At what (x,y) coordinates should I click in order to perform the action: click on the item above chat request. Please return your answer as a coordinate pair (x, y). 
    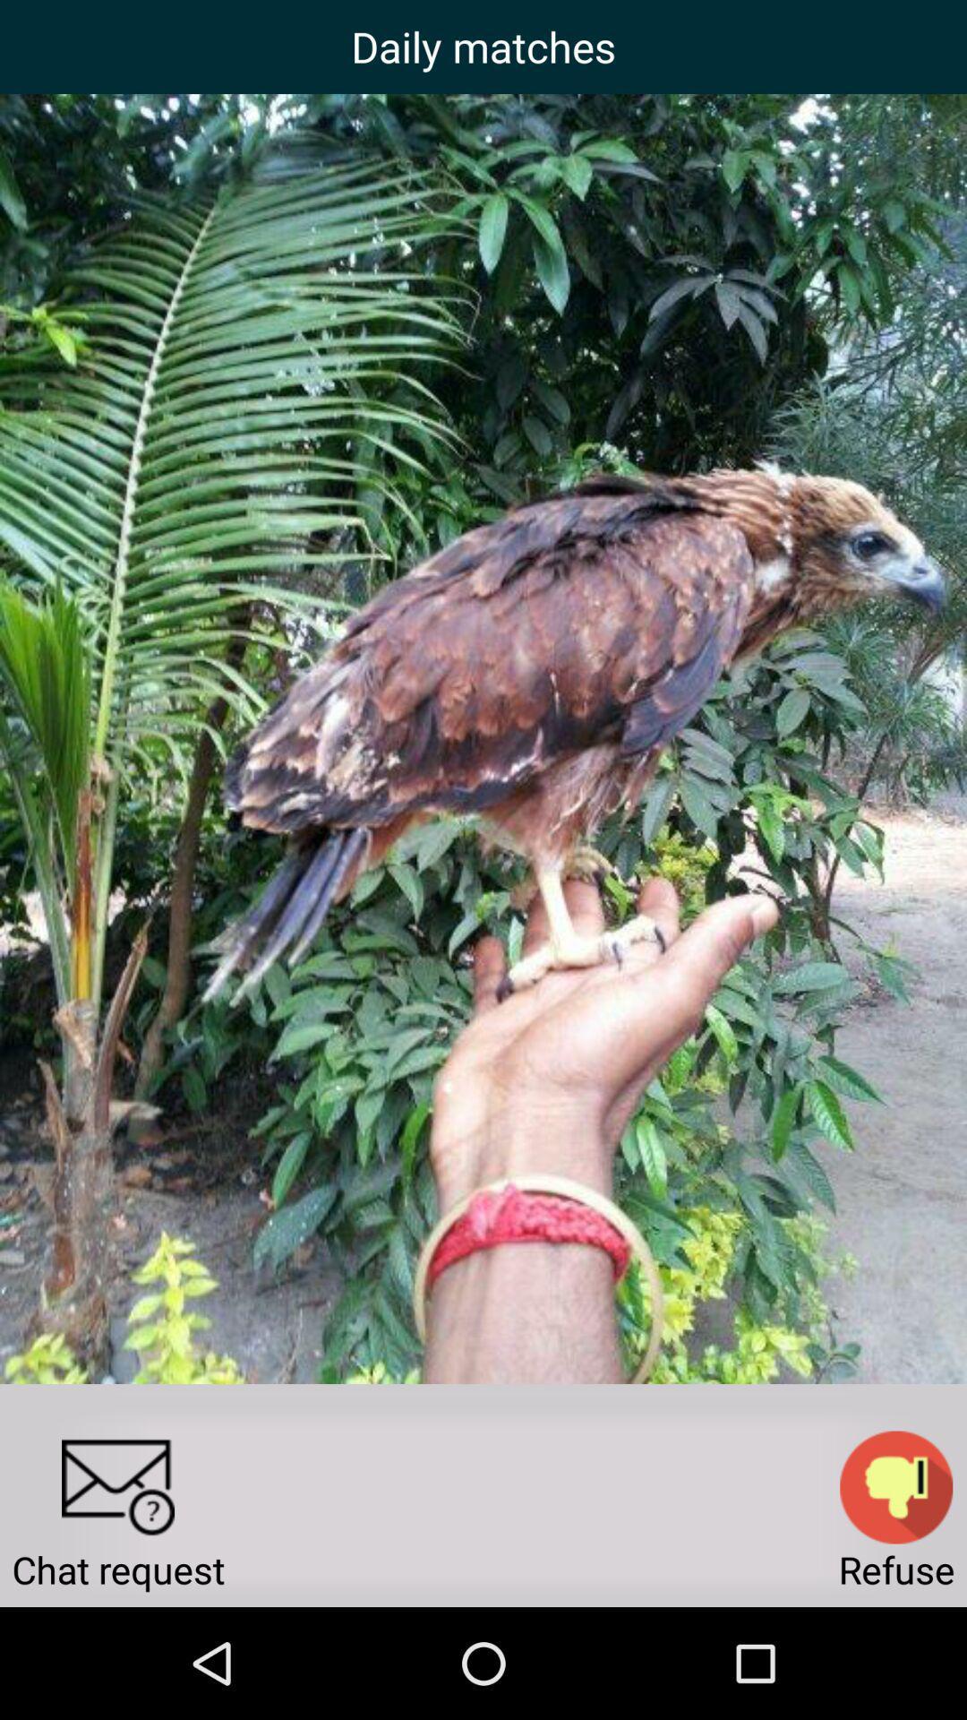
    Looking at the image, I should click on (117, 1487).